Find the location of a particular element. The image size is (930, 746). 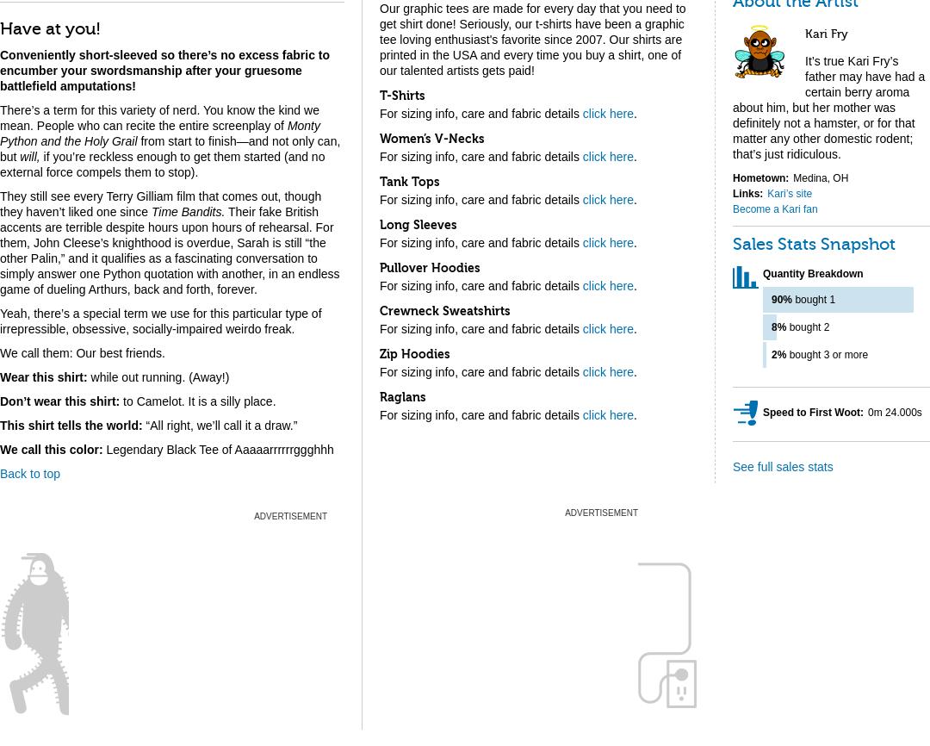

'Monty Python and the Holy Grail' is located at coordinates (159, 134).